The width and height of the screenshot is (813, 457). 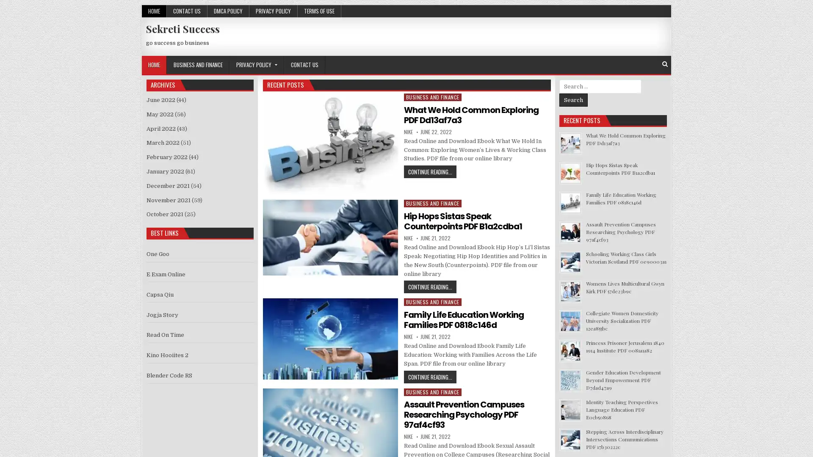 What do you see at coordinates (573, 99) in the screenshot?
I see `Search` at bounding box center [573, 99].